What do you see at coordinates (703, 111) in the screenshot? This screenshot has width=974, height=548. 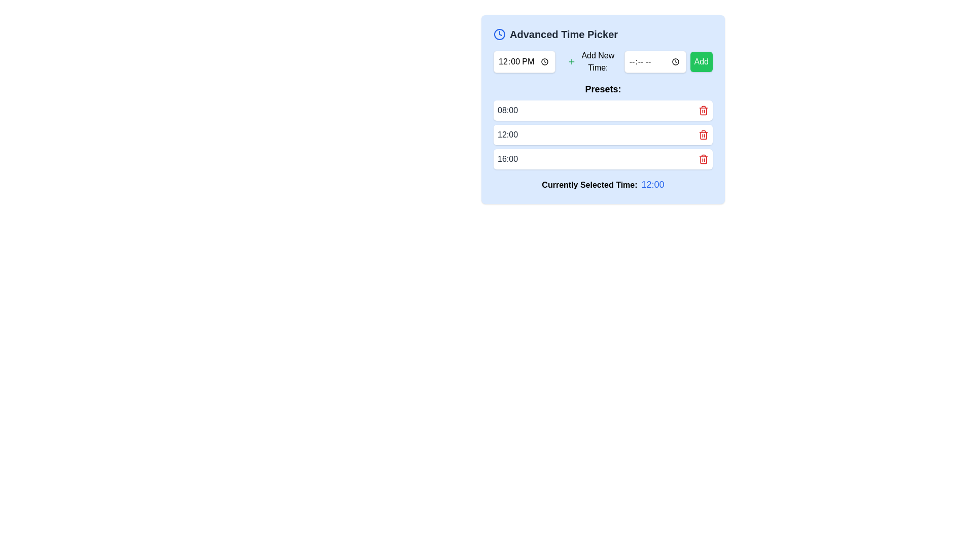 I see `the red trash can icon` at bounding box center [703, 111].